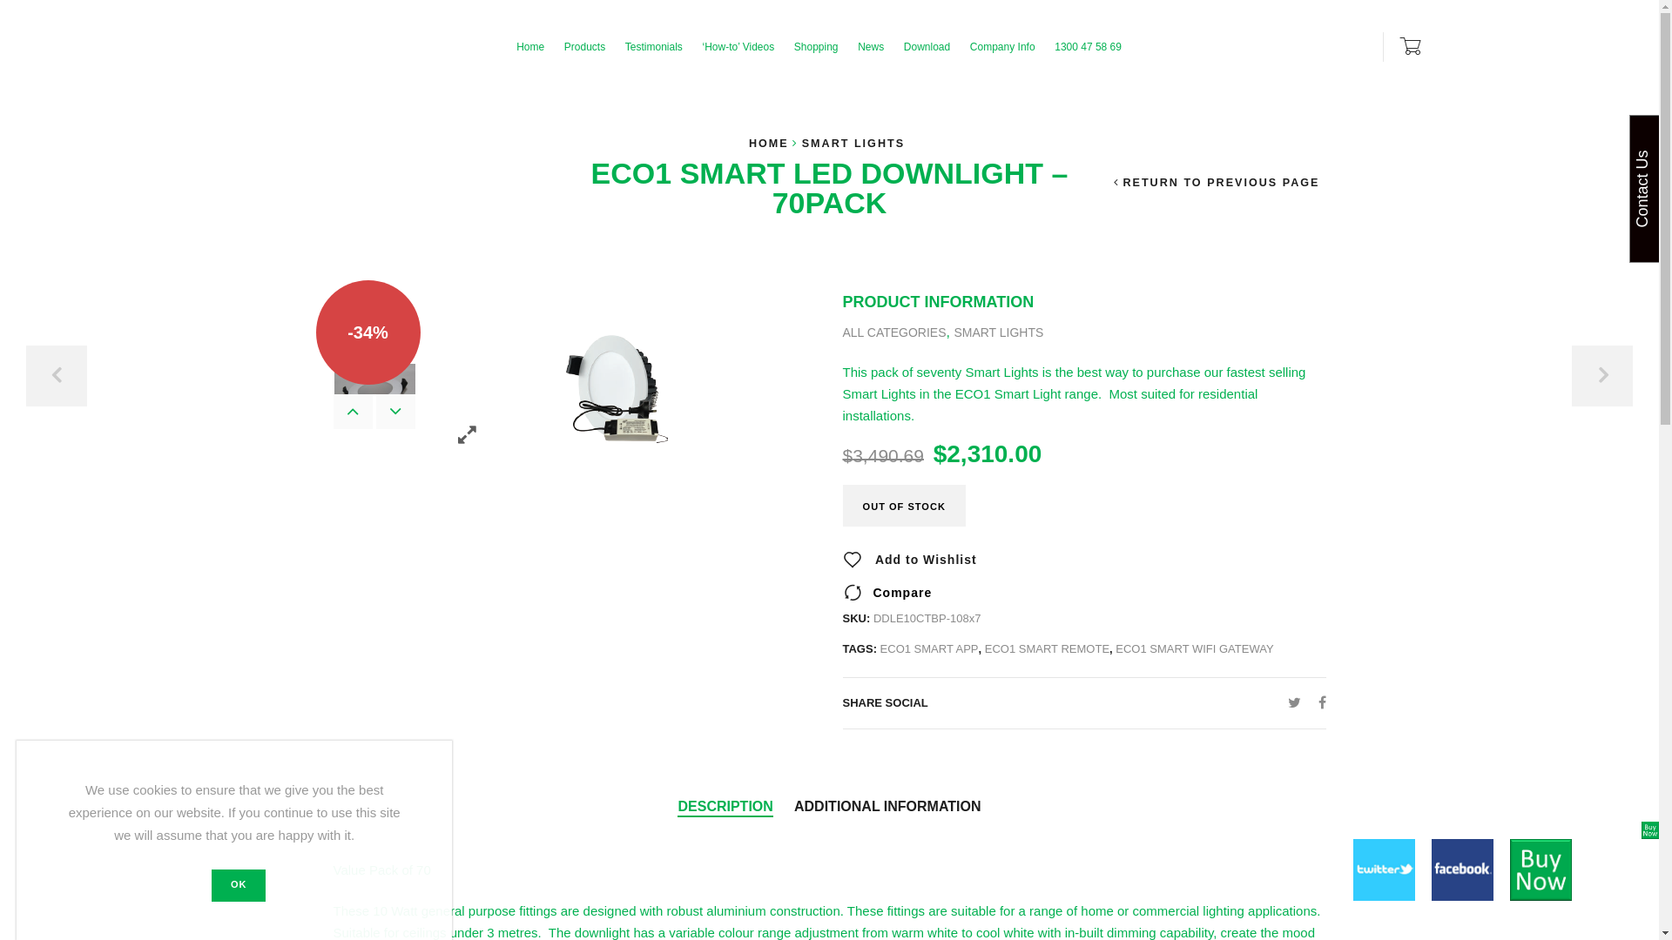  Describe the element at coordinates (57, 375) in the screenshot. I see `'PREVIOUS'` at that location.